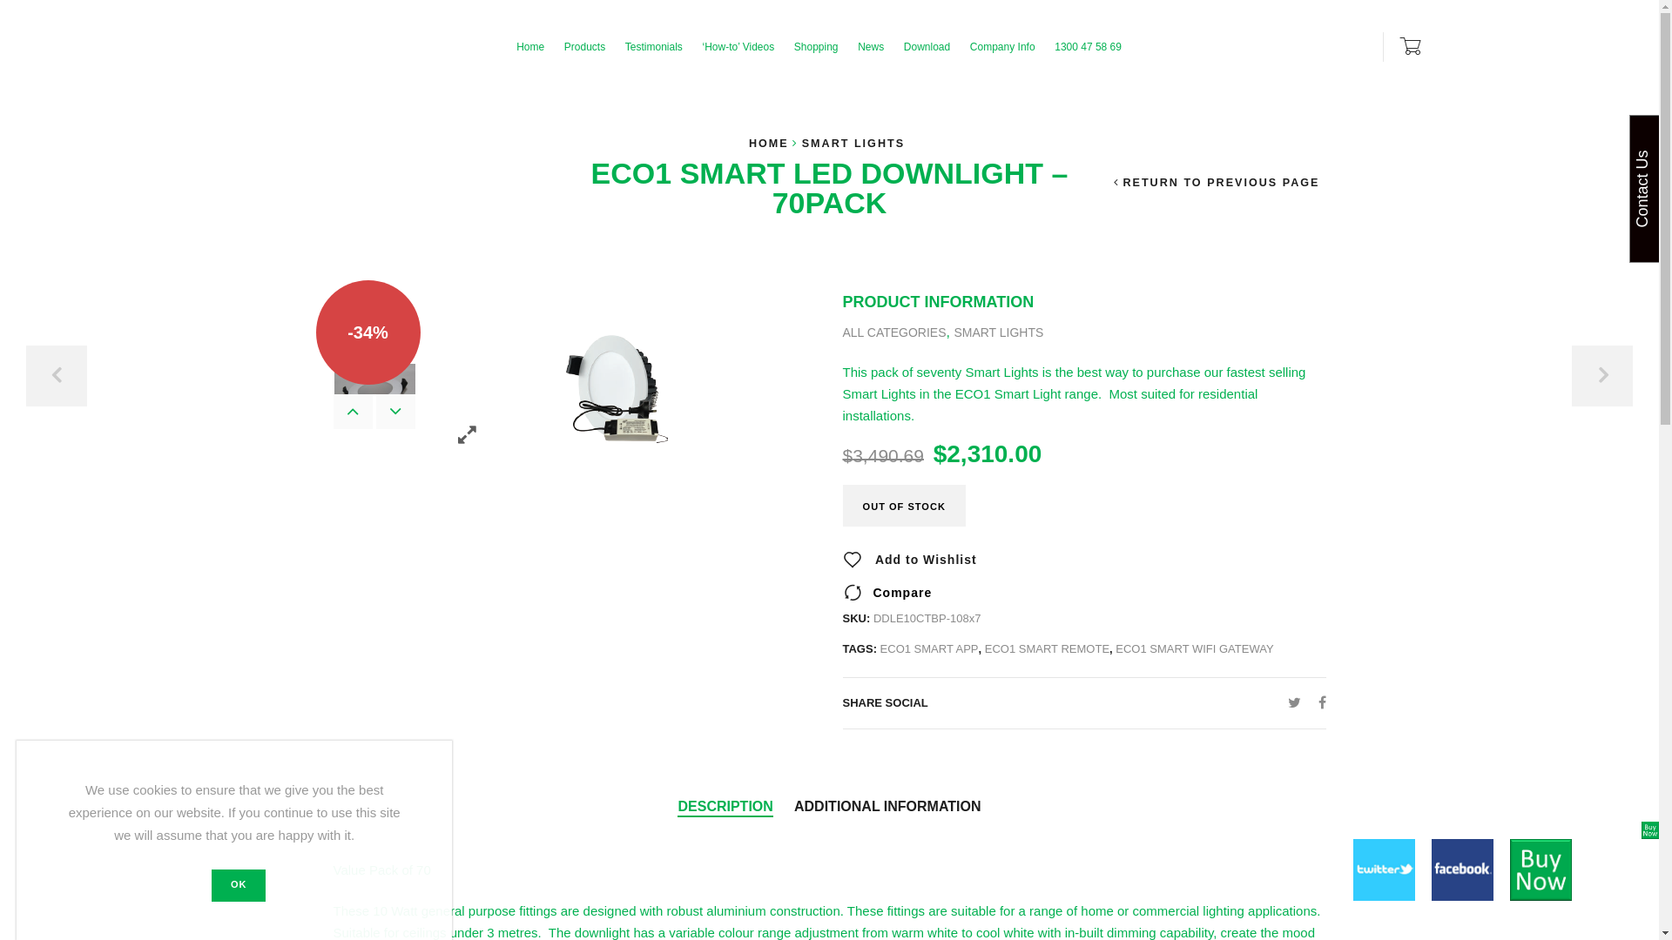  Describe the element at coordinates (57, 375) in the screenshot. I see `'PREVIOUS'` at that location.